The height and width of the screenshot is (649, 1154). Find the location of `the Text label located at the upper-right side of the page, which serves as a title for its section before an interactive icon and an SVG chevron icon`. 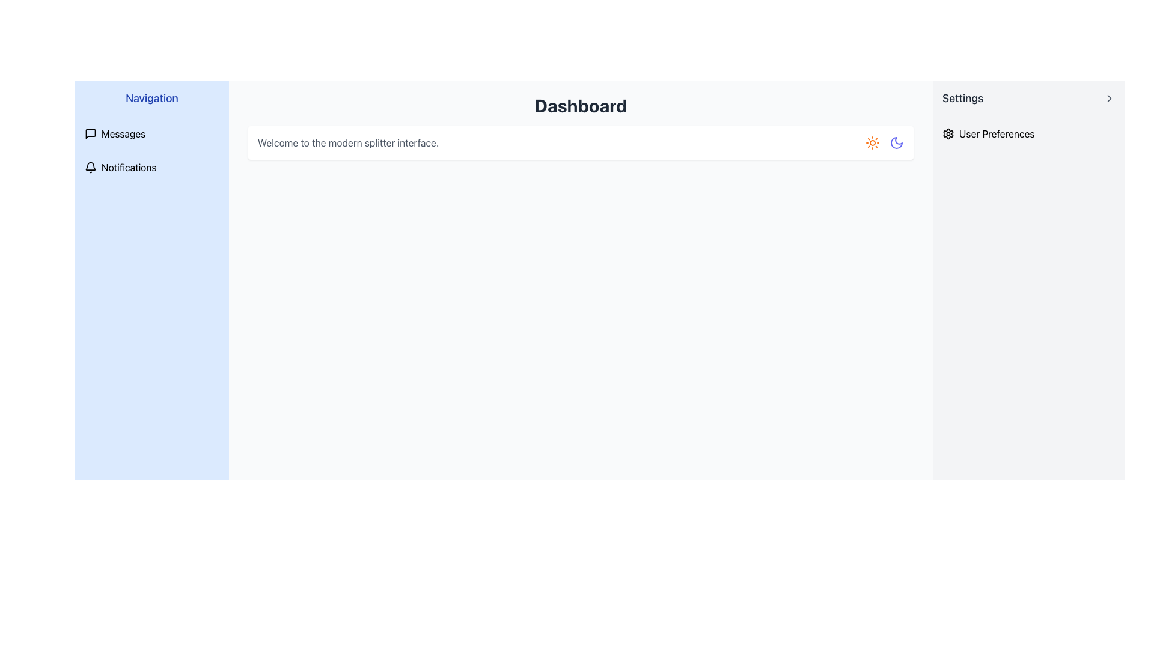

the Text label located at the upper-right side of the page, which serves as a title for its section before an interactive icon and an SVG chevron icon is located at coordinates (963, 98).